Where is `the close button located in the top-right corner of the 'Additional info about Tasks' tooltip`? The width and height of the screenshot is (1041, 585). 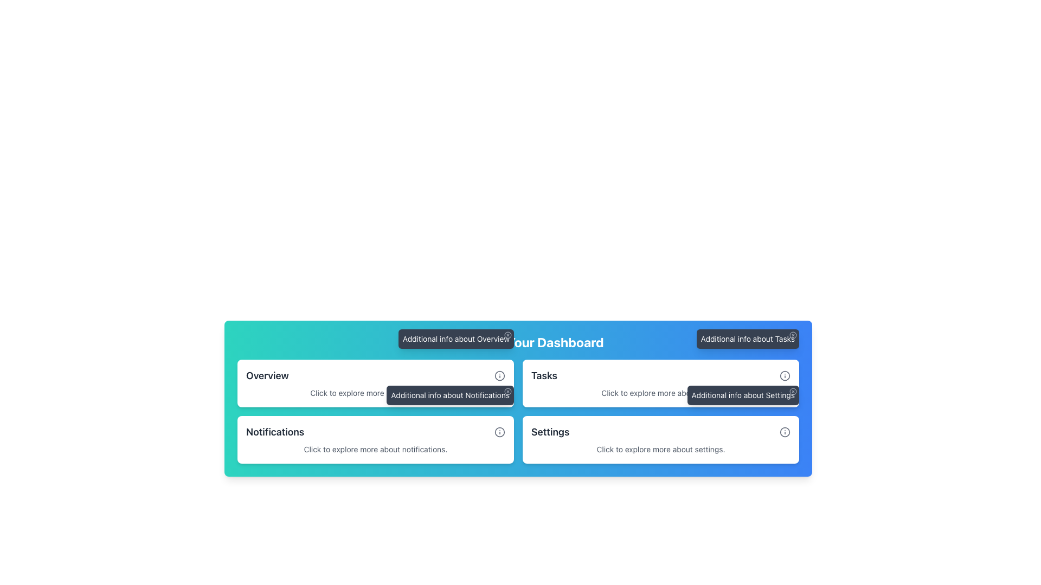
the close button located in the top-right corner of the 'Additional info about Tasks' tooltip is located at coordinates (793, 334).